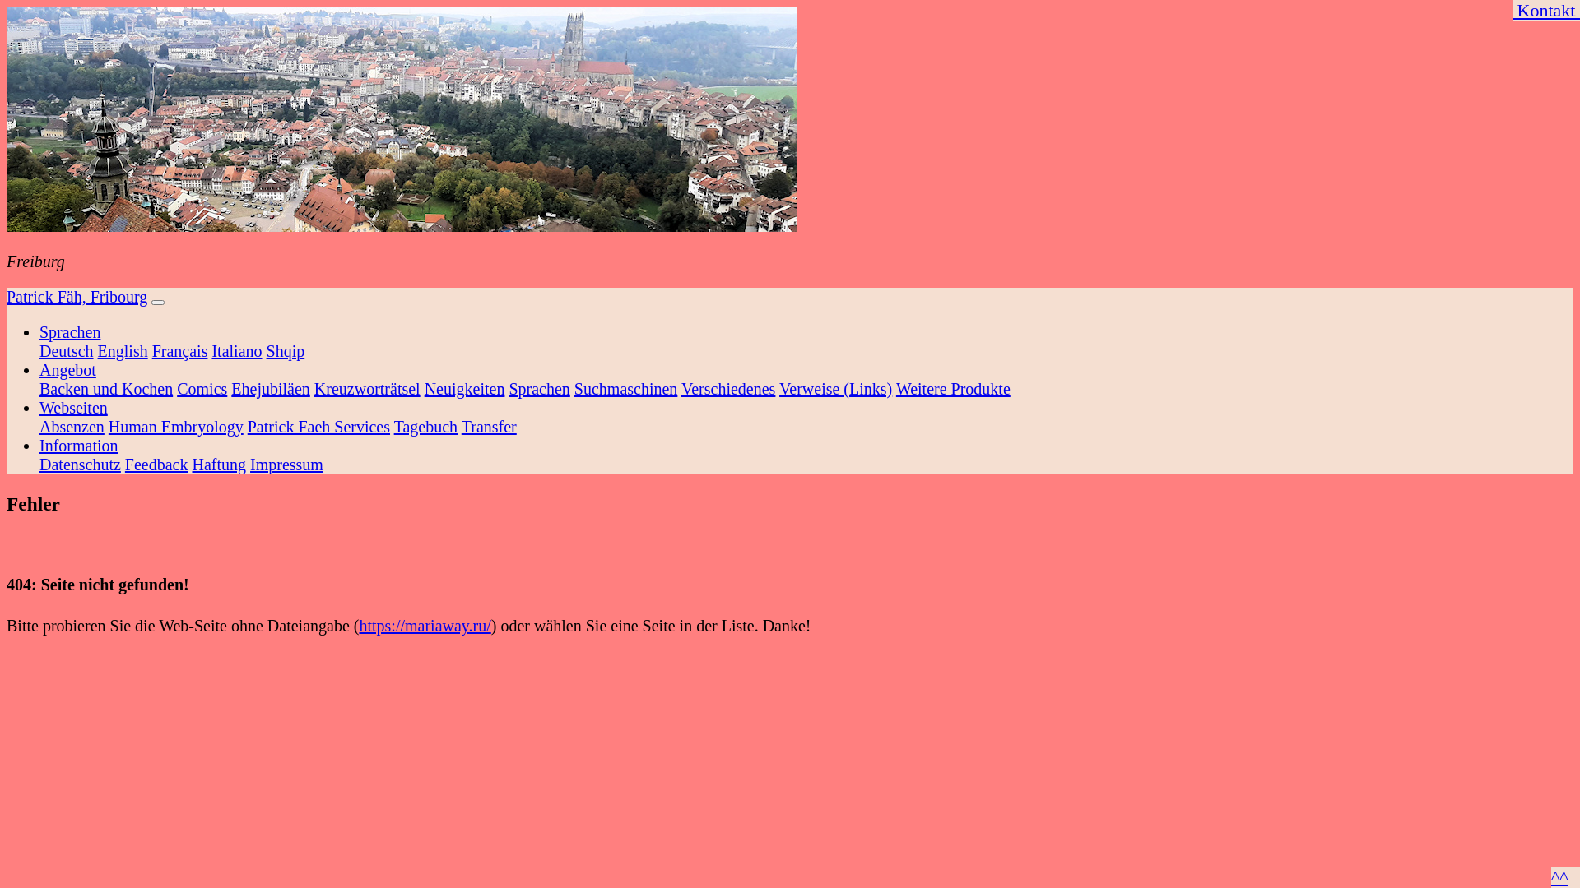 The width and height of the screenshot is (1580, 888). I want to click on 'Italiano', so click(235, 350).